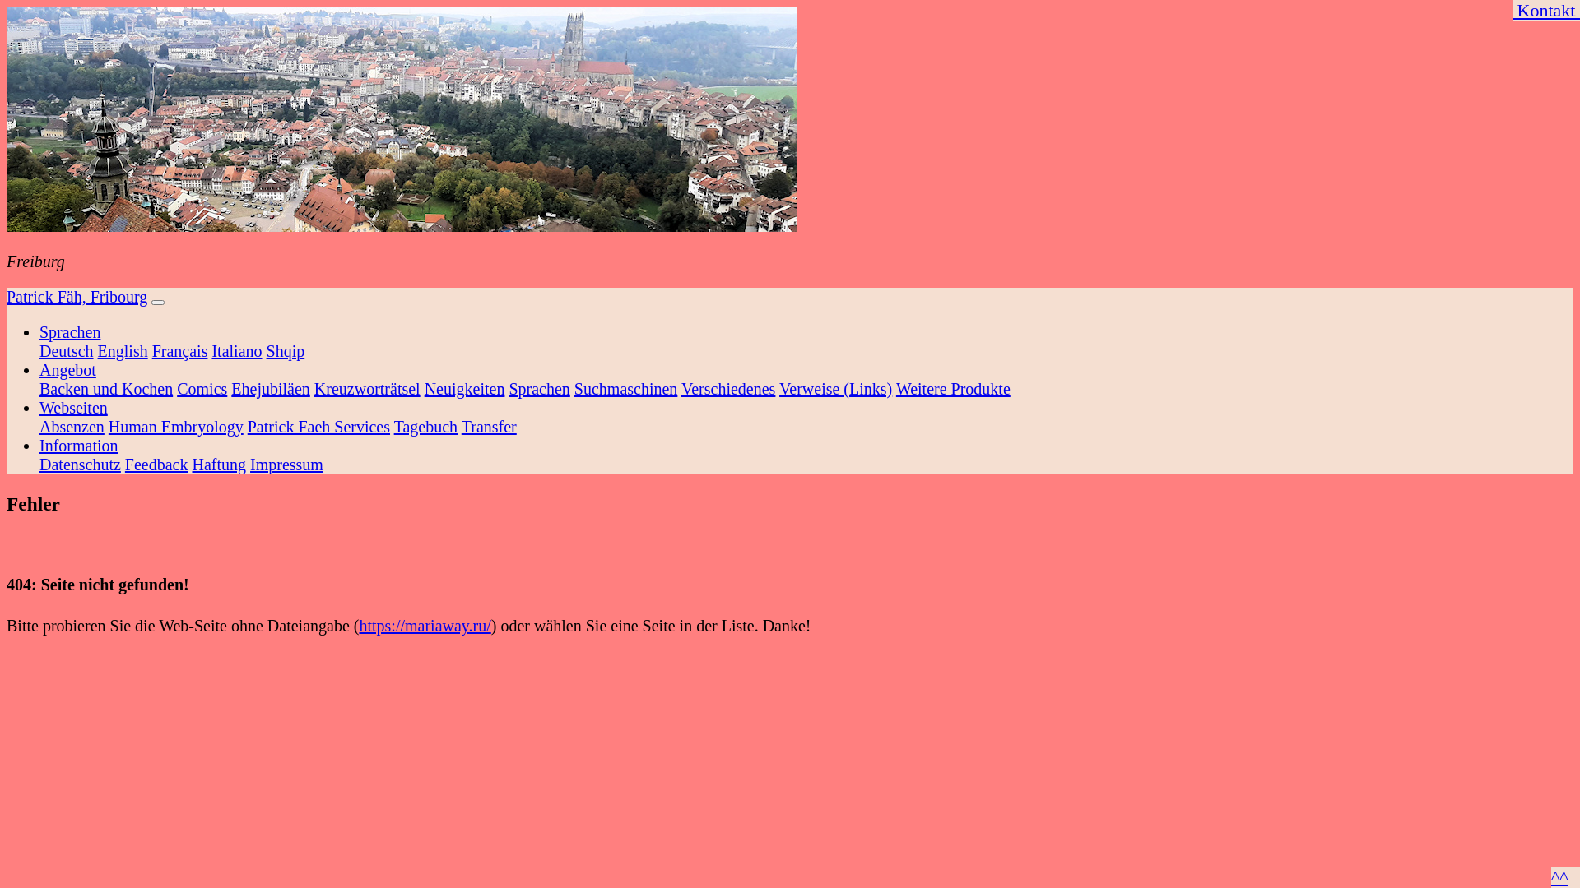 The width and height of the screenshot is (1580, 888). I want to click on 'Italiano', so click(235, 350).